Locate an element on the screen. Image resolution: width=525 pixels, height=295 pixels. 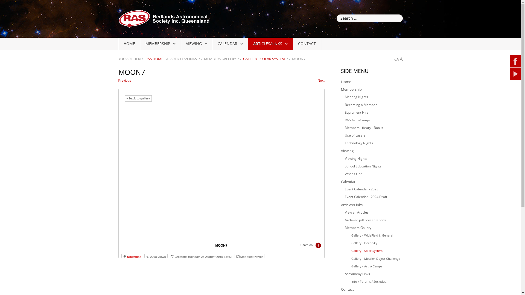
'Home' is located at coordinates (371, 82).